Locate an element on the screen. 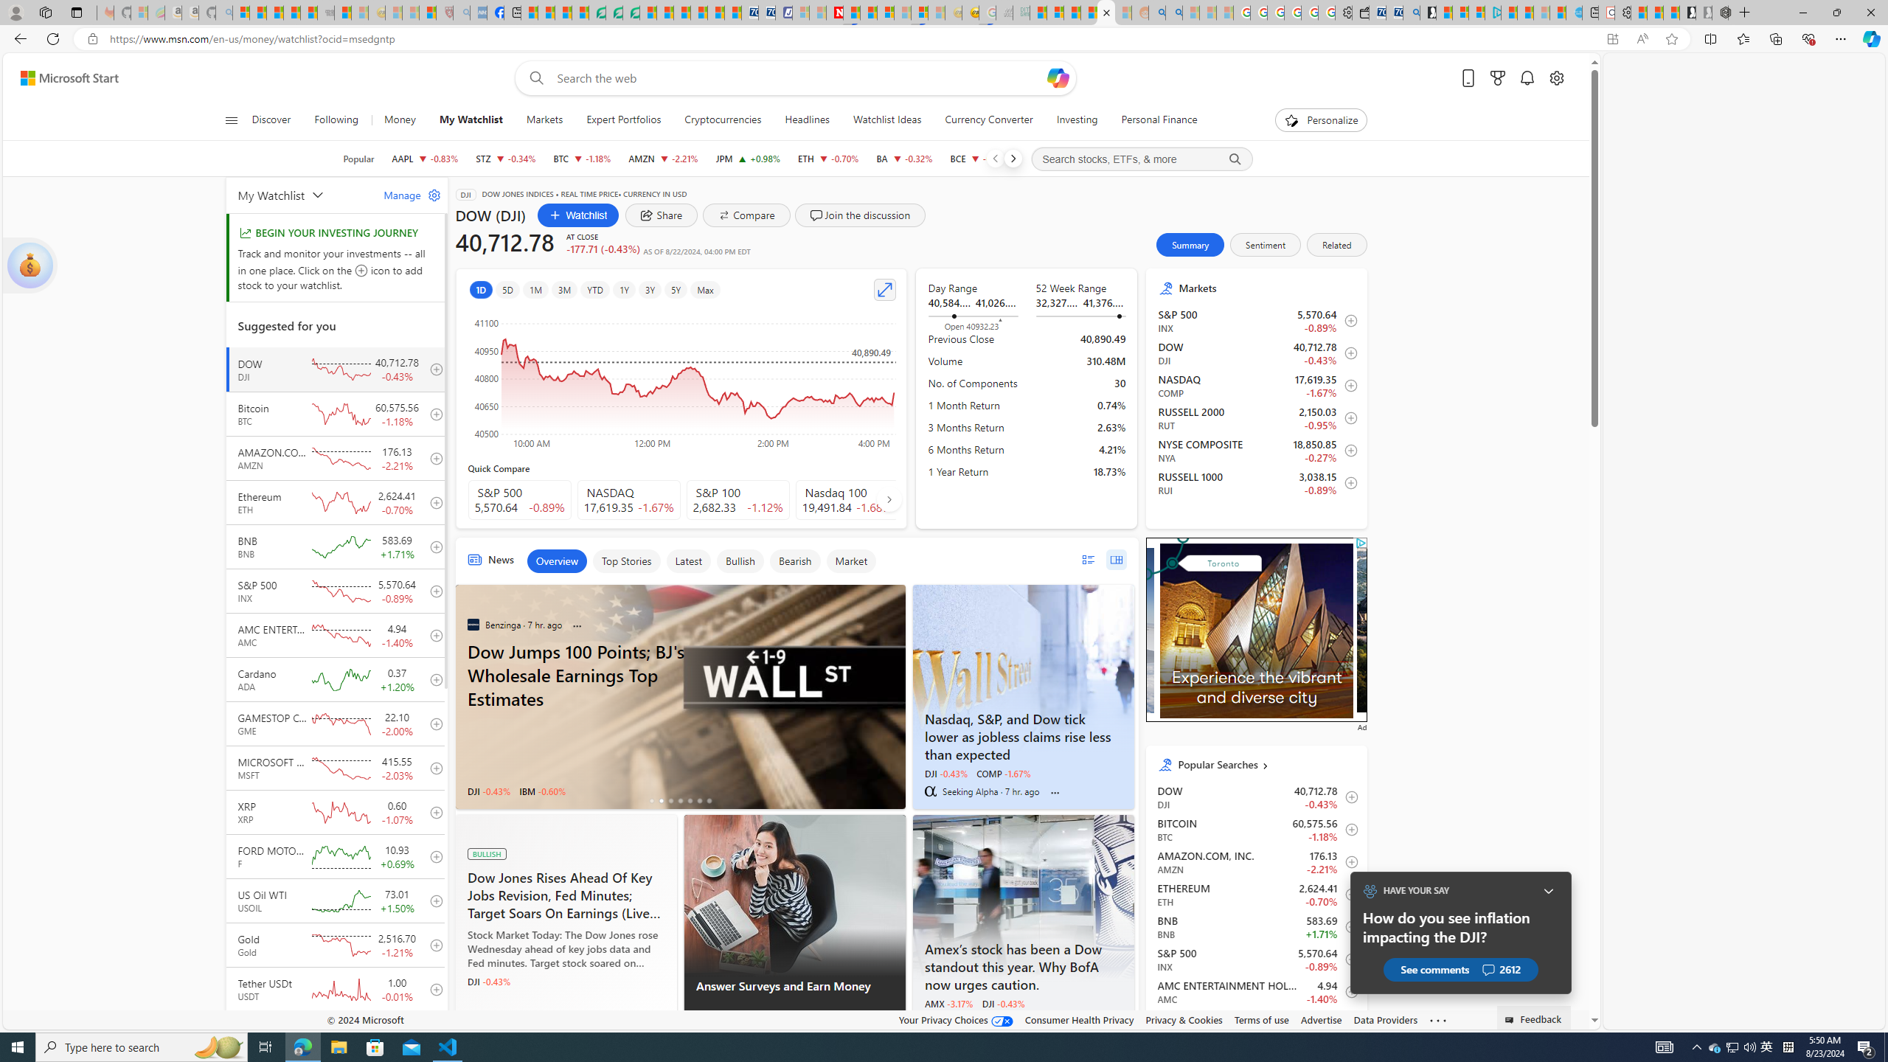 The height and width of the screenshot is (1062, 1888). 'Related' is located at coordinates (1336, 243).